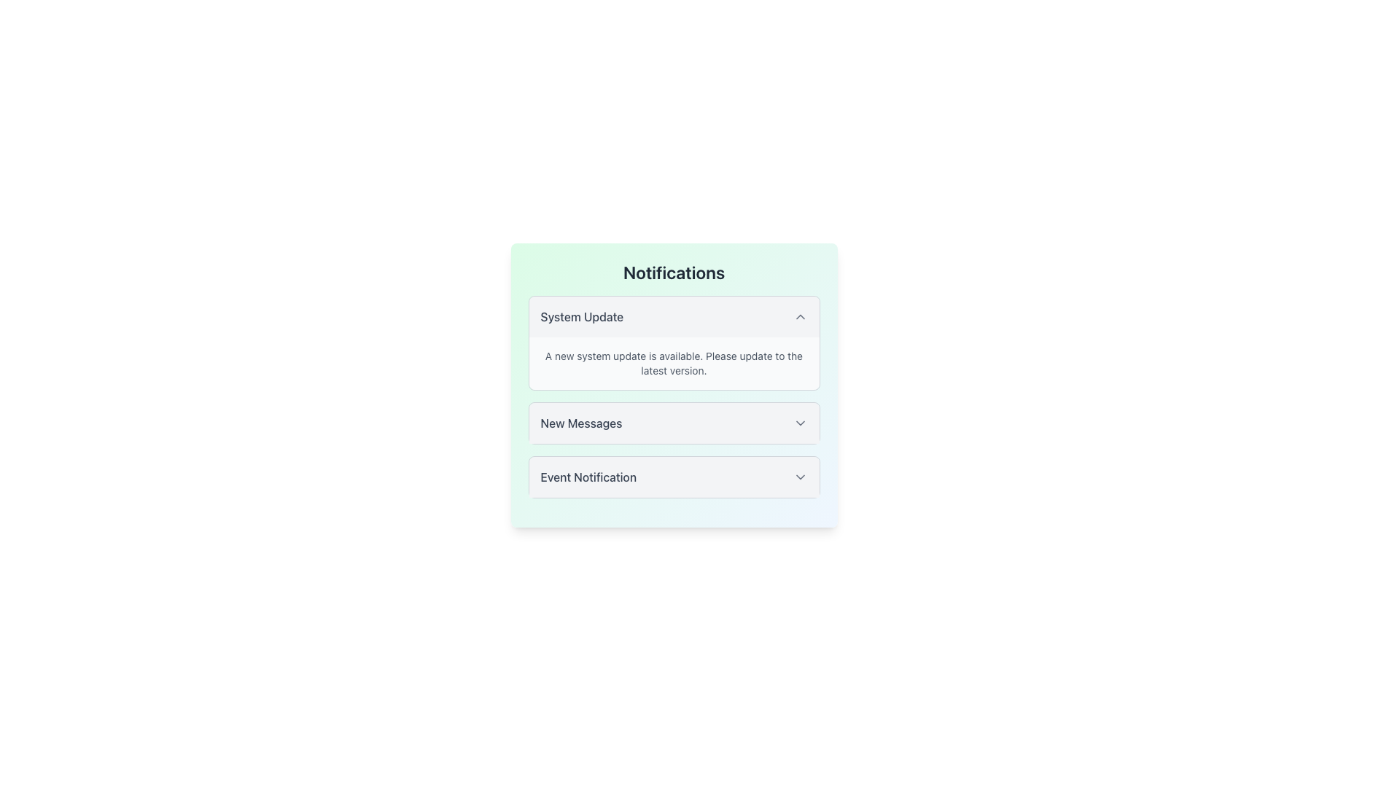  I want to click on the text area displaying system update notifications located beneath the 'System Update' header, so click(673, 362).